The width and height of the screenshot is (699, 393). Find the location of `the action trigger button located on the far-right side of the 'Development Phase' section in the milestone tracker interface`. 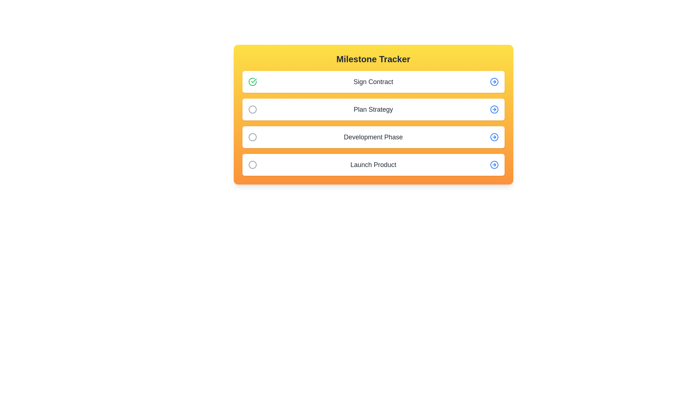

the action trigger button located on the far-right side of the 'Development Phase' section in the milestone tracker interface is located at coordinates (494, 137).